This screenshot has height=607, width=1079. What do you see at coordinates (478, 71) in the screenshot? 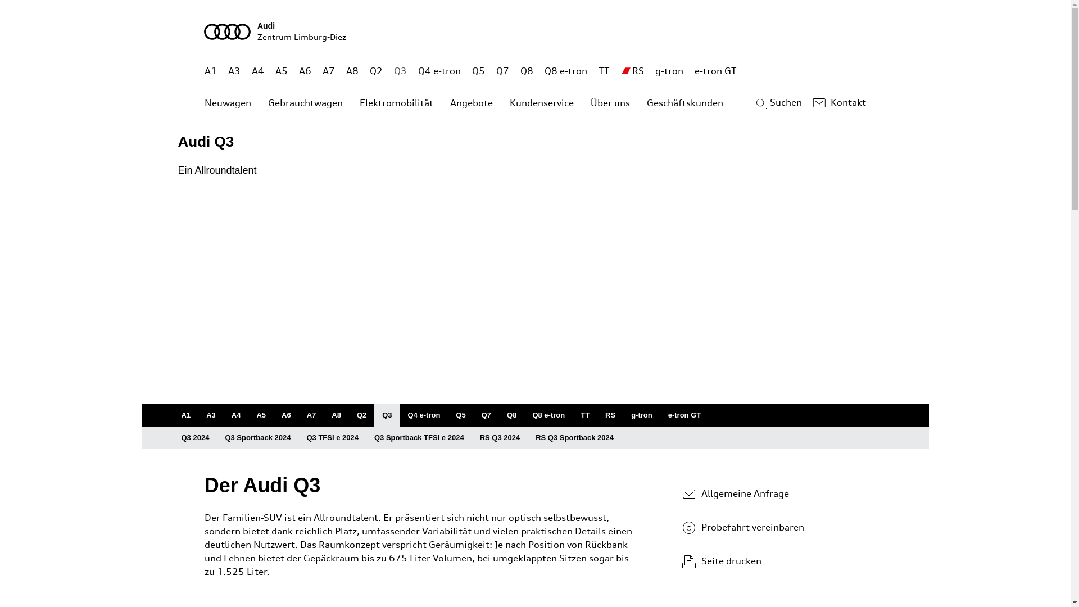
I see `'Q5'` at bounding box center [478, 71].